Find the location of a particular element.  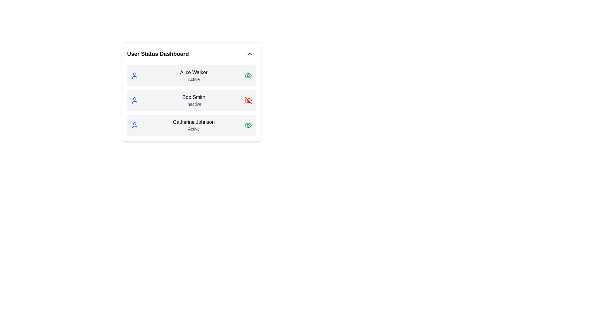

the text display that shows the name and online status of the user, which is the third entry in the vertically stacked list of user status cards within the 'User Status Dashboard.' is located at coordinates (193, 125).